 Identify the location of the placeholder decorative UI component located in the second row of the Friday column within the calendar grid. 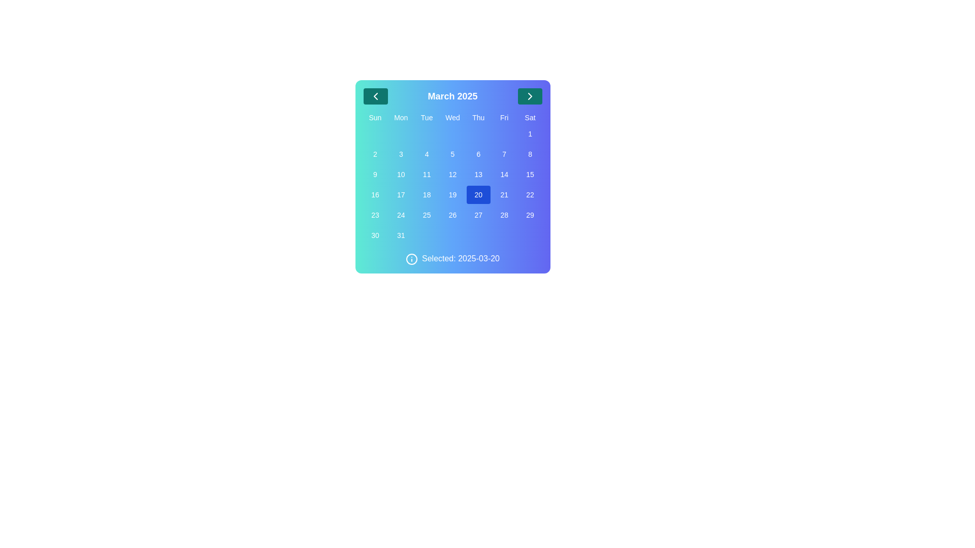
(504, 133).